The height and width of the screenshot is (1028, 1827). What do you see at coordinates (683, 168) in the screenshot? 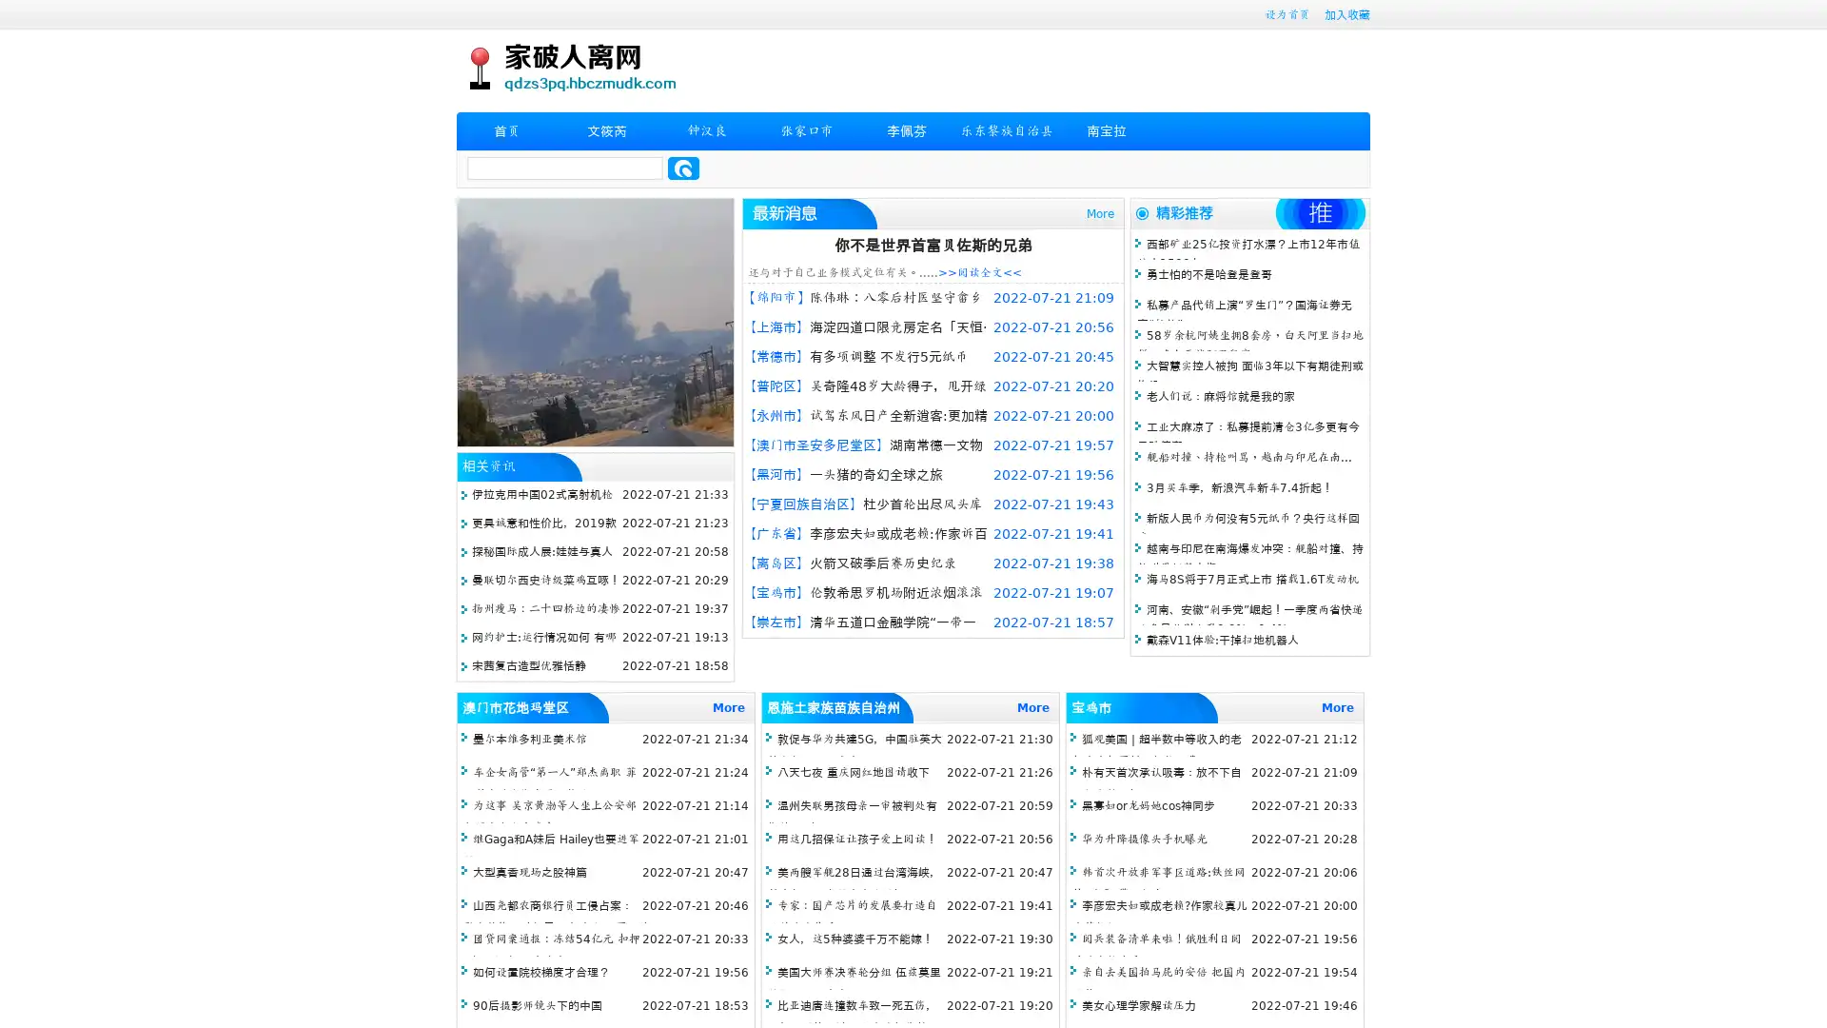
I see `Search` at bounding box center [683, 168].